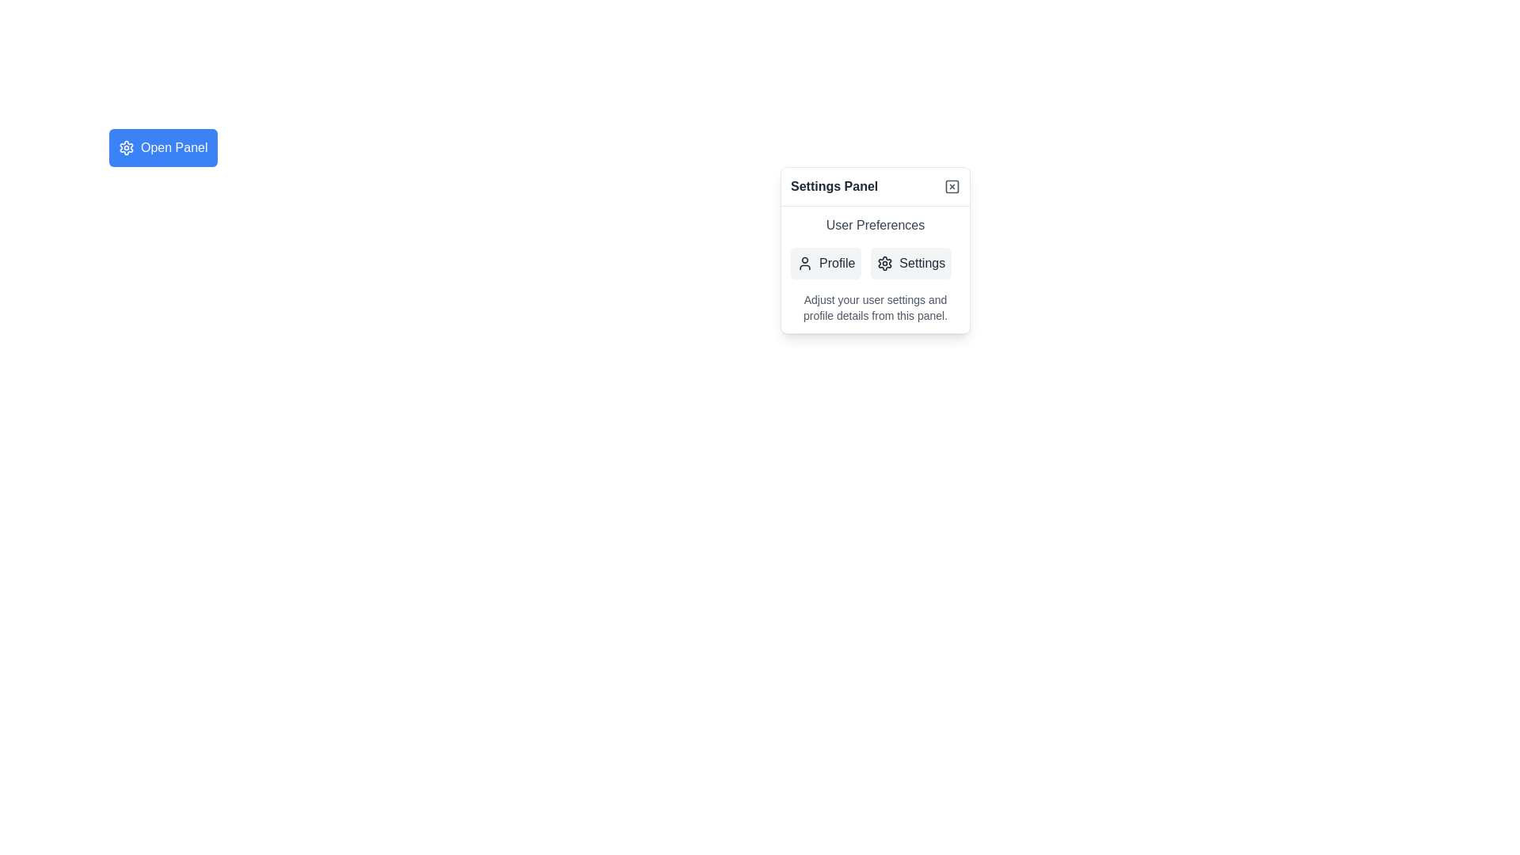  I want to click on the gear-shaped settings icon located to the left of the 'Open Panel' button, so click(125, 147).